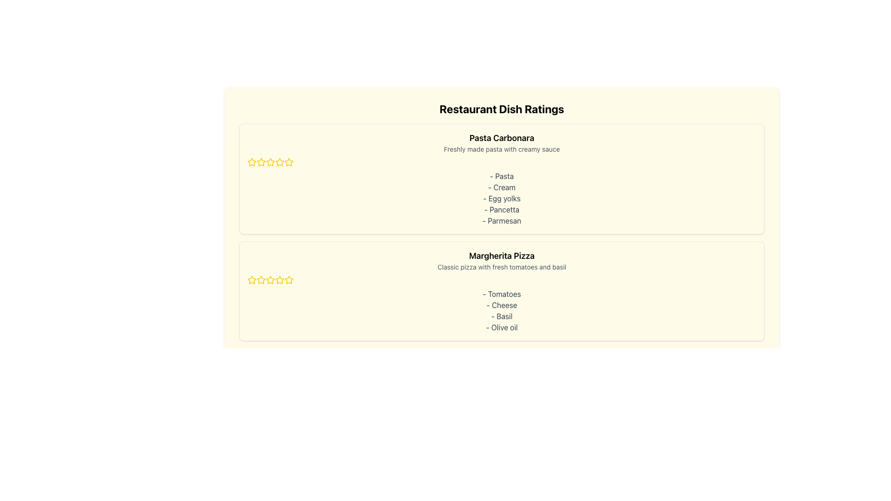 Image resolution: width=891 pixels, height=501 pixels. Describe the element at coordinates (501, 187) in the screenshot. I see `text conveying an ingredient of the 'Pasta Carbonara' dish, which is the second item in the bulleted list under the title 'Pasta Carbonara', positioned between '- Pasta' and '- Egg yolks'` at that location.